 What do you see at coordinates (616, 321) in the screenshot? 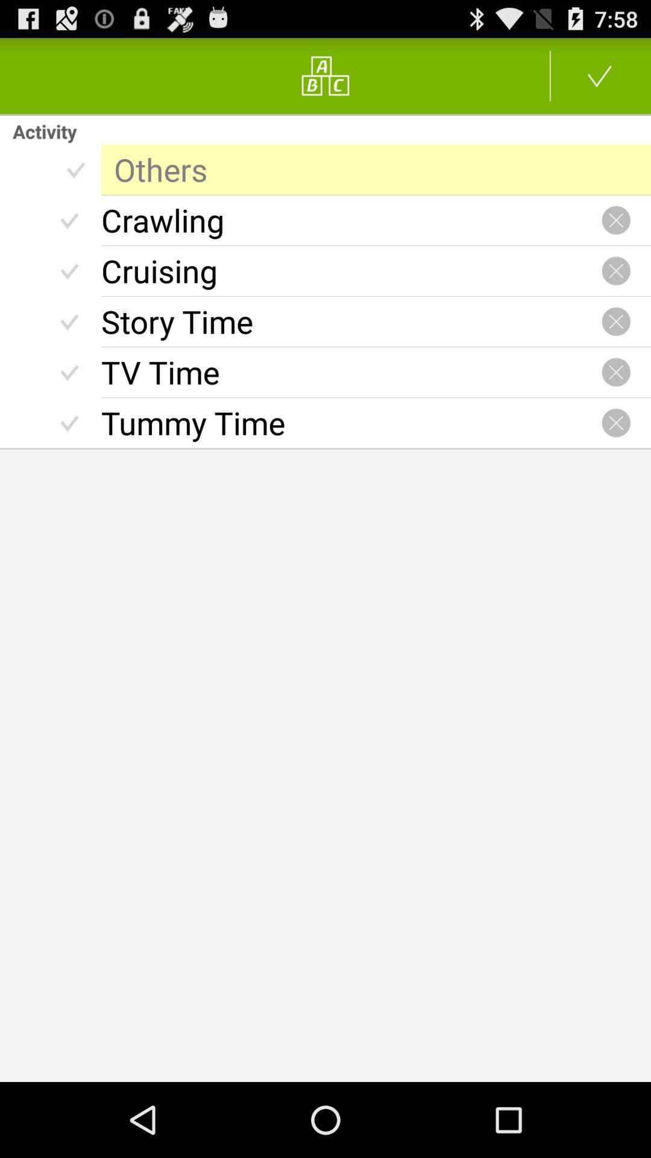
I see `go close` at bounding box center [616, 321].